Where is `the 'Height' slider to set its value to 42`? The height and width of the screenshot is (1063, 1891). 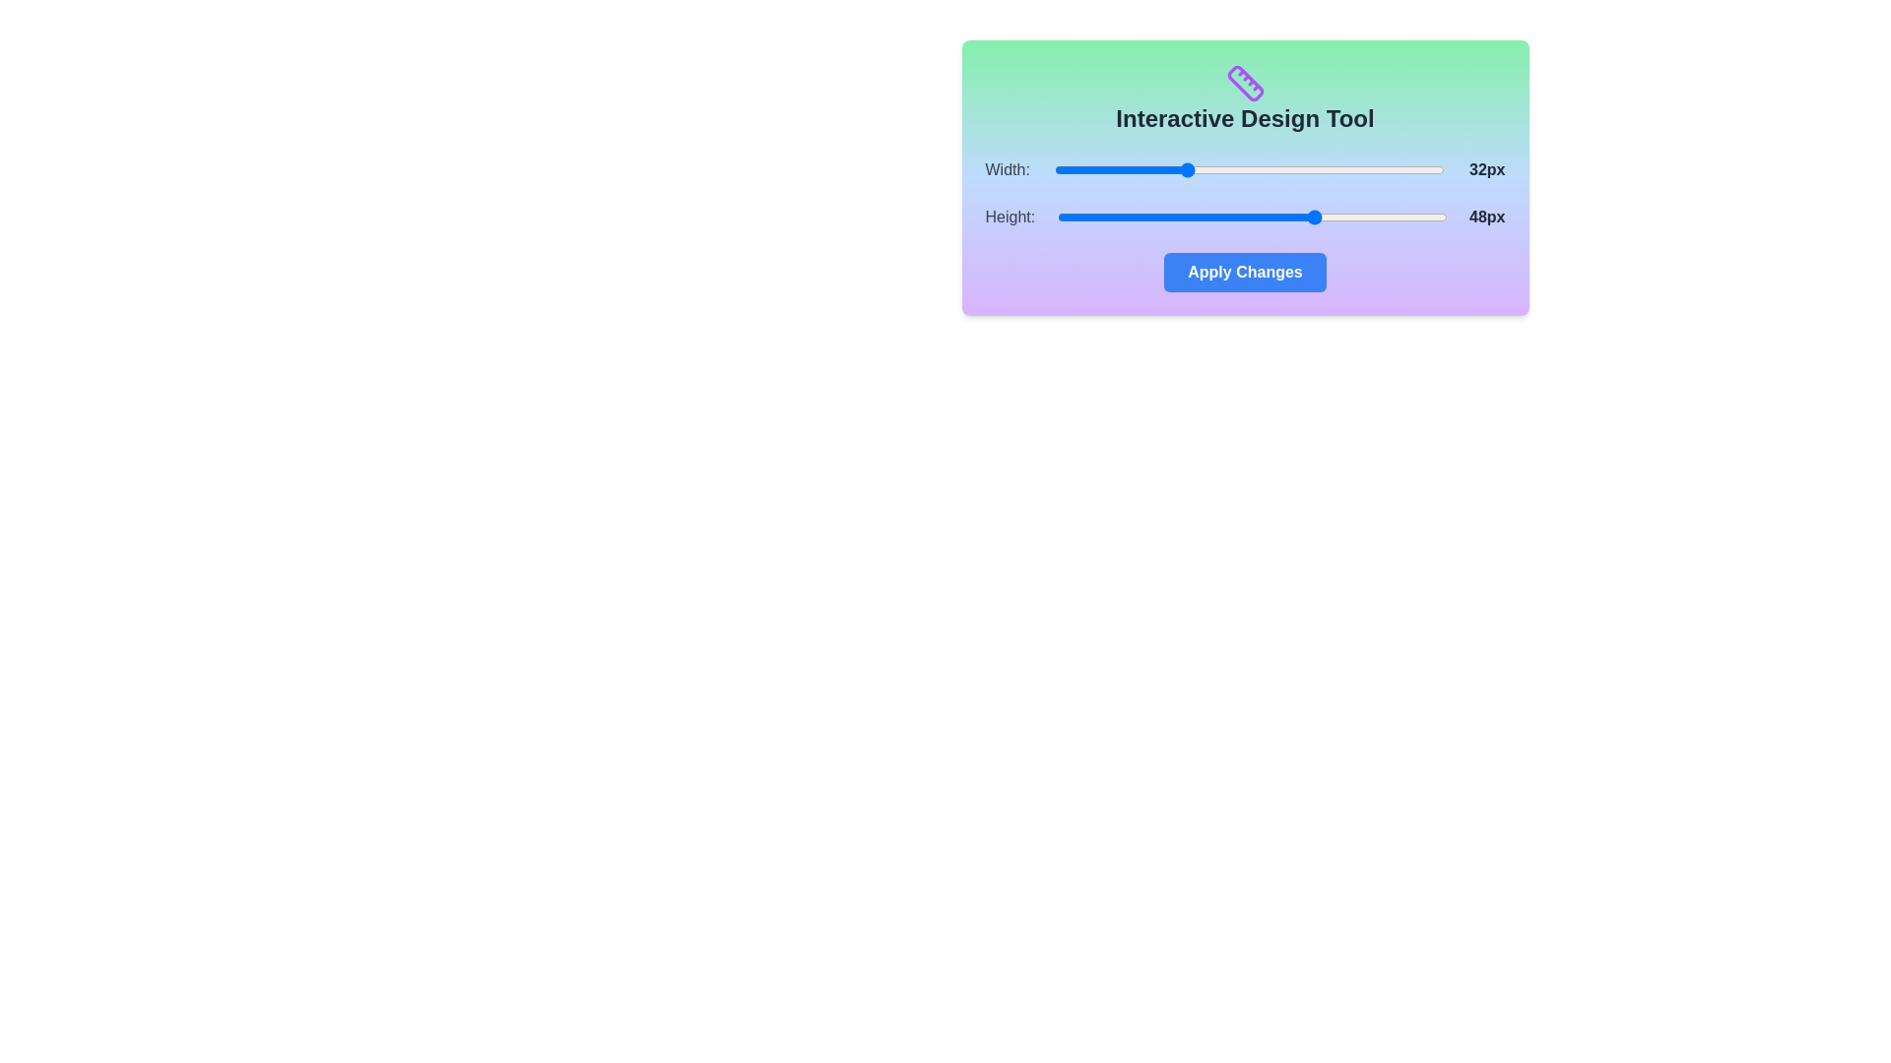
the 'Height' slider to set its value to 42 is located at coordinates (1269, 217).